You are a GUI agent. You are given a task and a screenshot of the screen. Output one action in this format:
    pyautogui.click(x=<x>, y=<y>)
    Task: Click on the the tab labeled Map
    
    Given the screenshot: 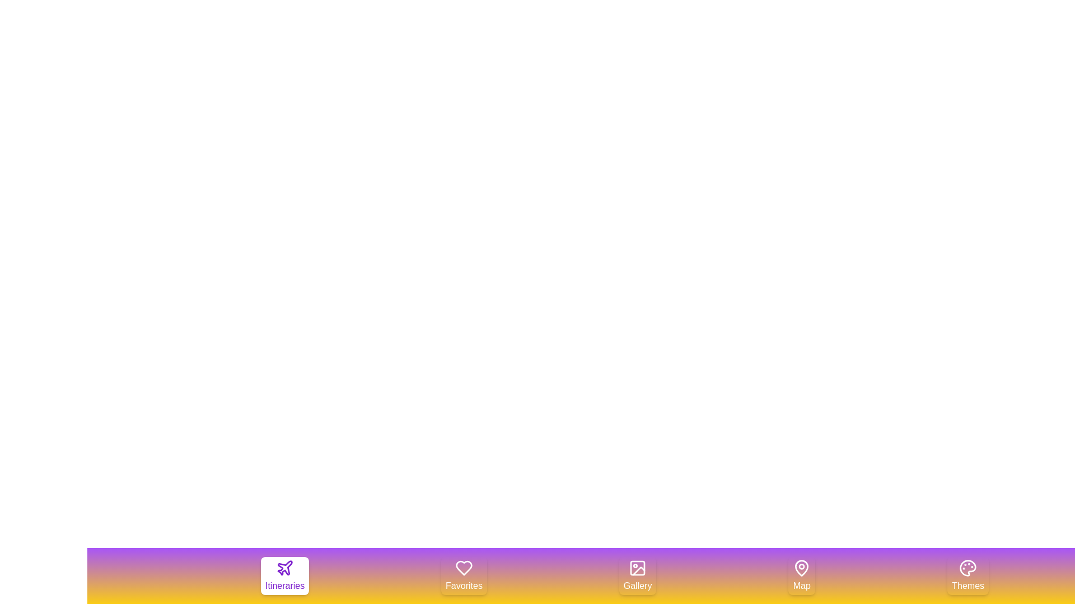 What is the action you would take?
    pyautogui.click(x=801, y=575)
    